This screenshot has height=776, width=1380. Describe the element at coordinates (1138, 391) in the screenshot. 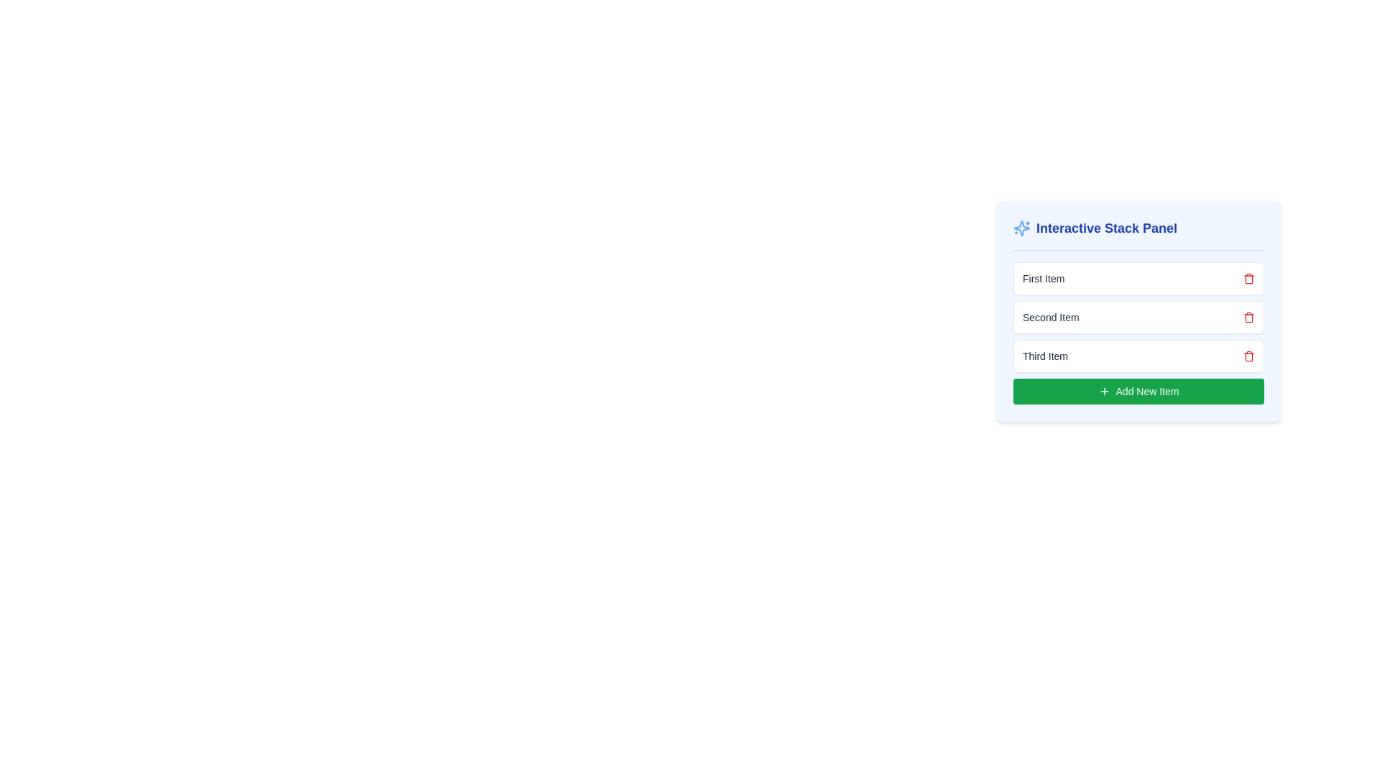

I see `the button located at the bottom of the vertical layout, which triggers the action to add a new item to the list above it` at that location.